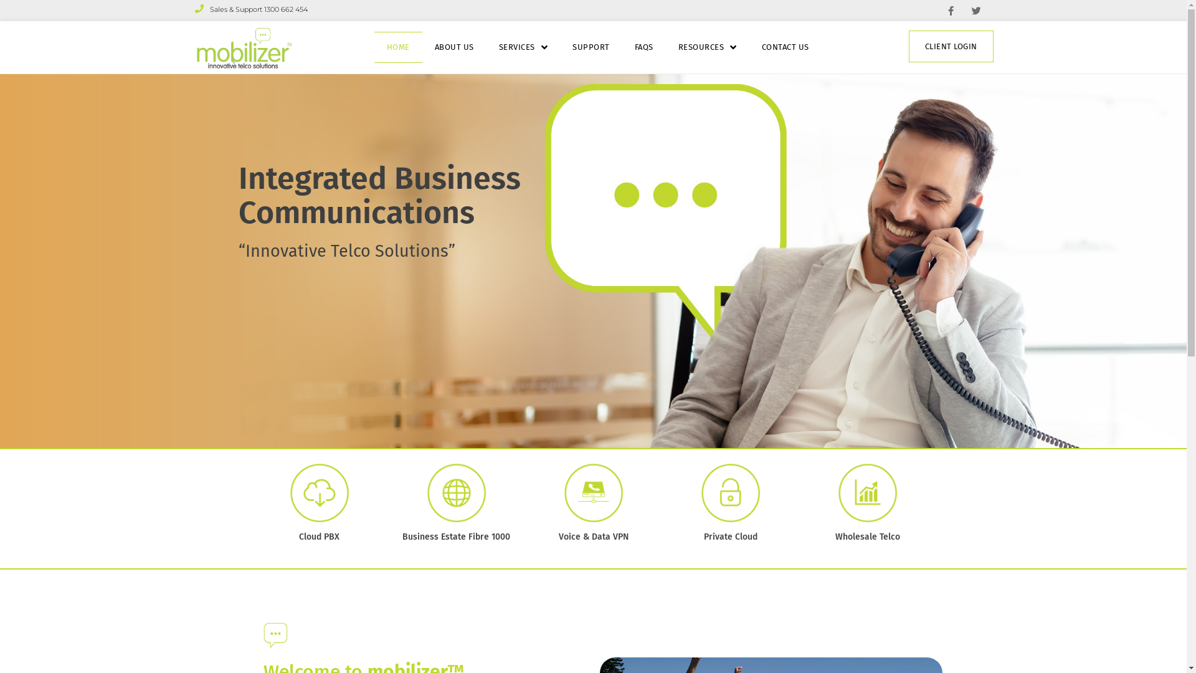  I want to click on 'Private Cloud', so click(730, 536).